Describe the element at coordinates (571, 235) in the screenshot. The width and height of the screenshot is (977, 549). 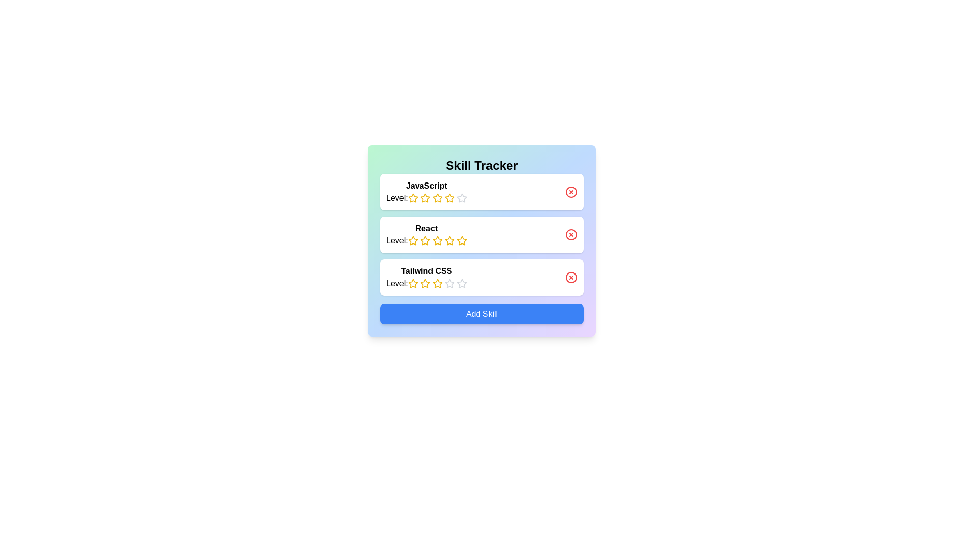
I see `the remove button for the skill named React` at that location.